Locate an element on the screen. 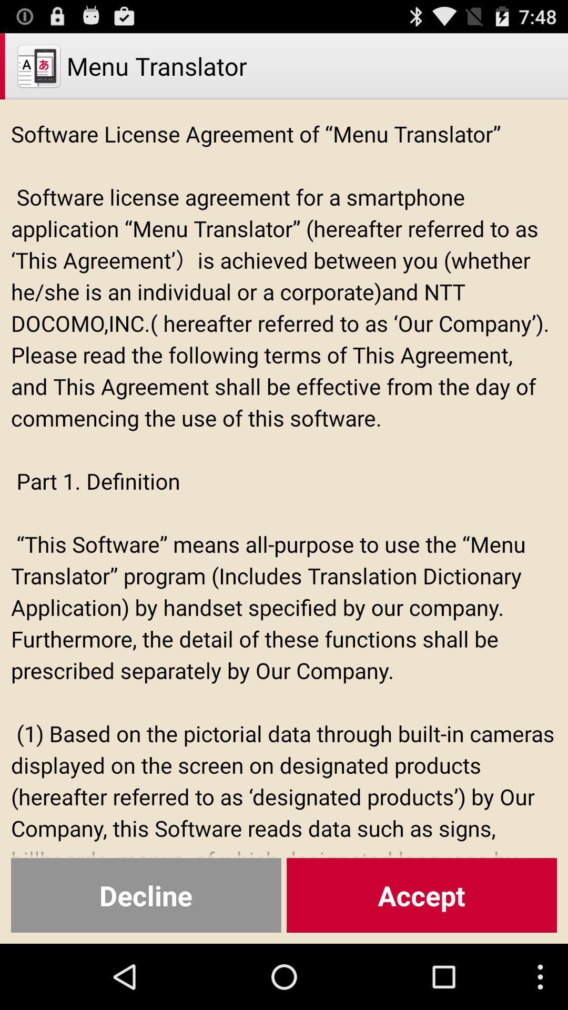 The height and width of the screenshot is (1010, 568). icon at the bottom right corner is located at coordinates (421, 895).